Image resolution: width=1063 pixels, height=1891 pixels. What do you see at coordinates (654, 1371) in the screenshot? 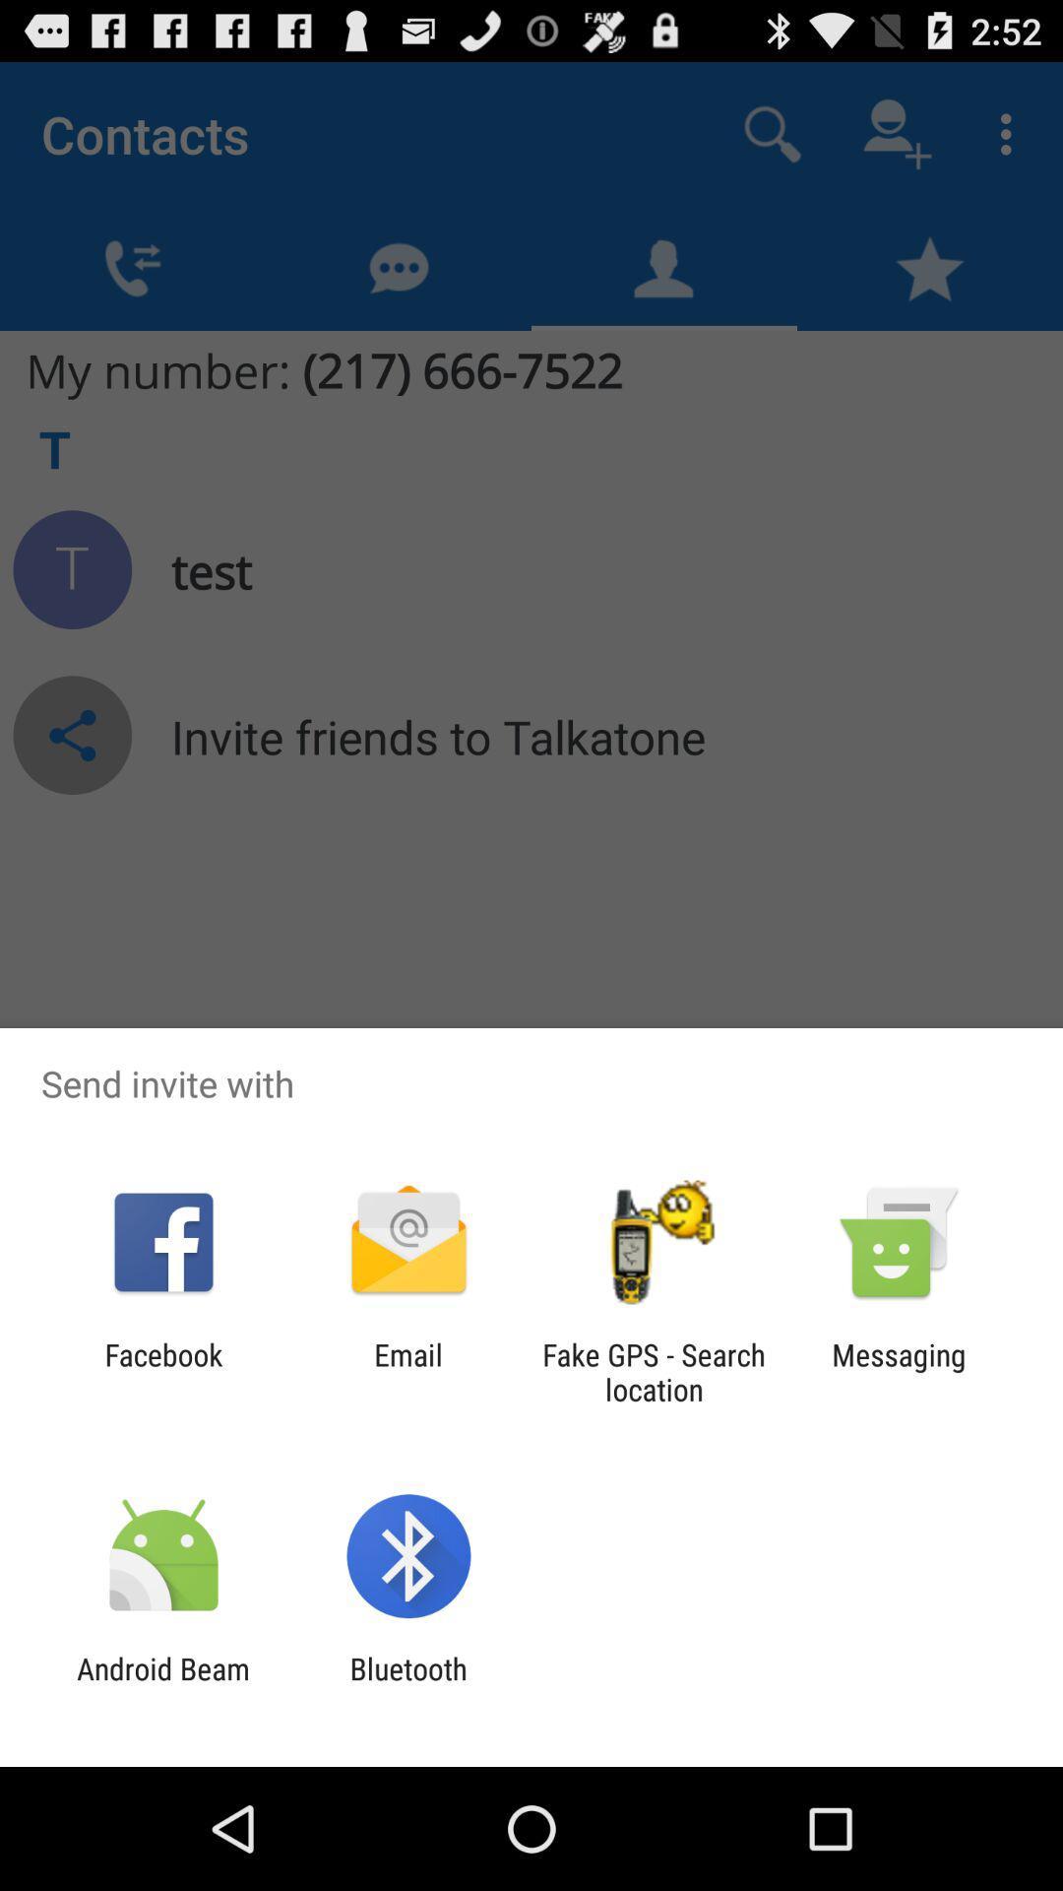
I see `app next to messaging app` at bounding box center [654, 1371].